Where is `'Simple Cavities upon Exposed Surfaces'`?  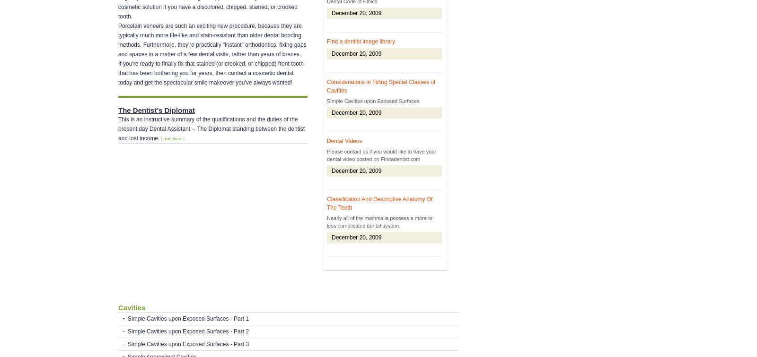
'Simple Cavities upon Exposed Surfaces' is located at coordinates (327, 101).